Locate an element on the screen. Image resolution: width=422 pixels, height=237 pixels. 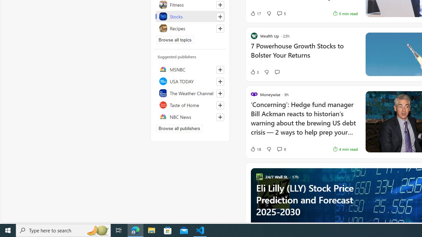
'USA TODAY' is located at coordinates (190, 81).